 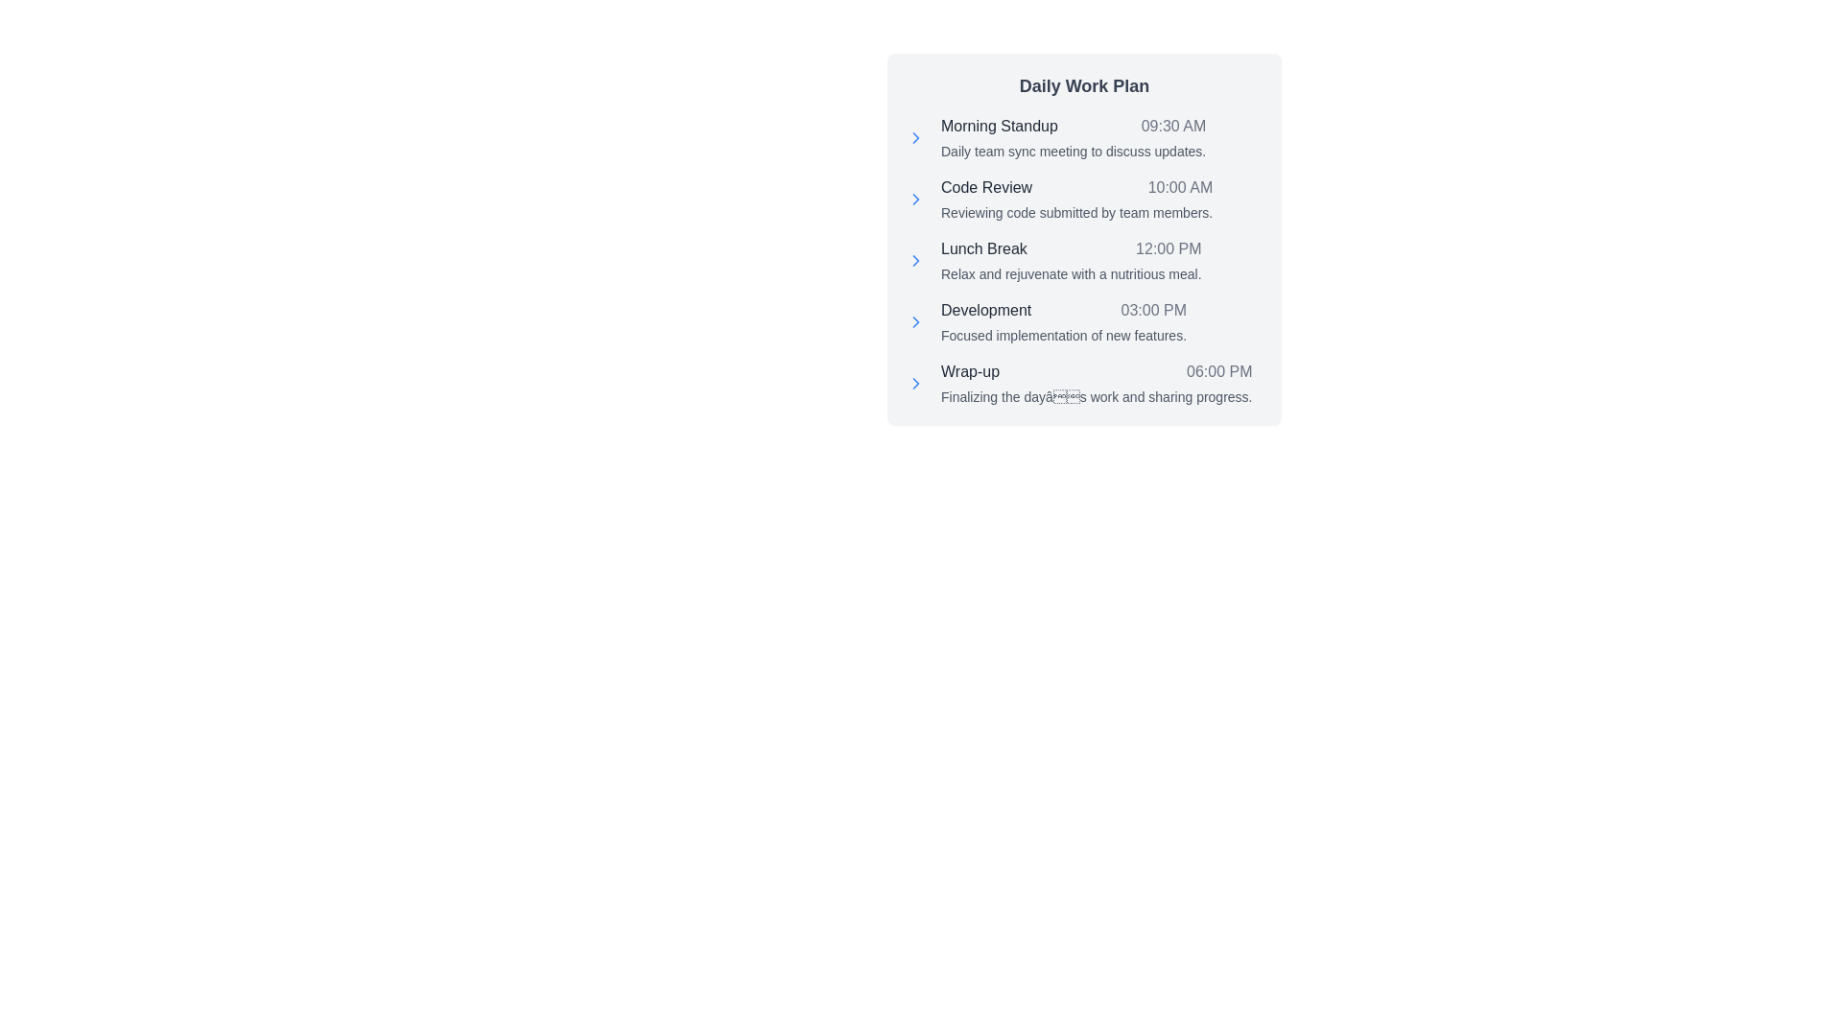 I want to click on text content of the list item titled 'Lunch Break' with the time '12:00 PM' and the description 'Relax and rejuvenate with a nutritious meal.', so click(x=1070, y=261).